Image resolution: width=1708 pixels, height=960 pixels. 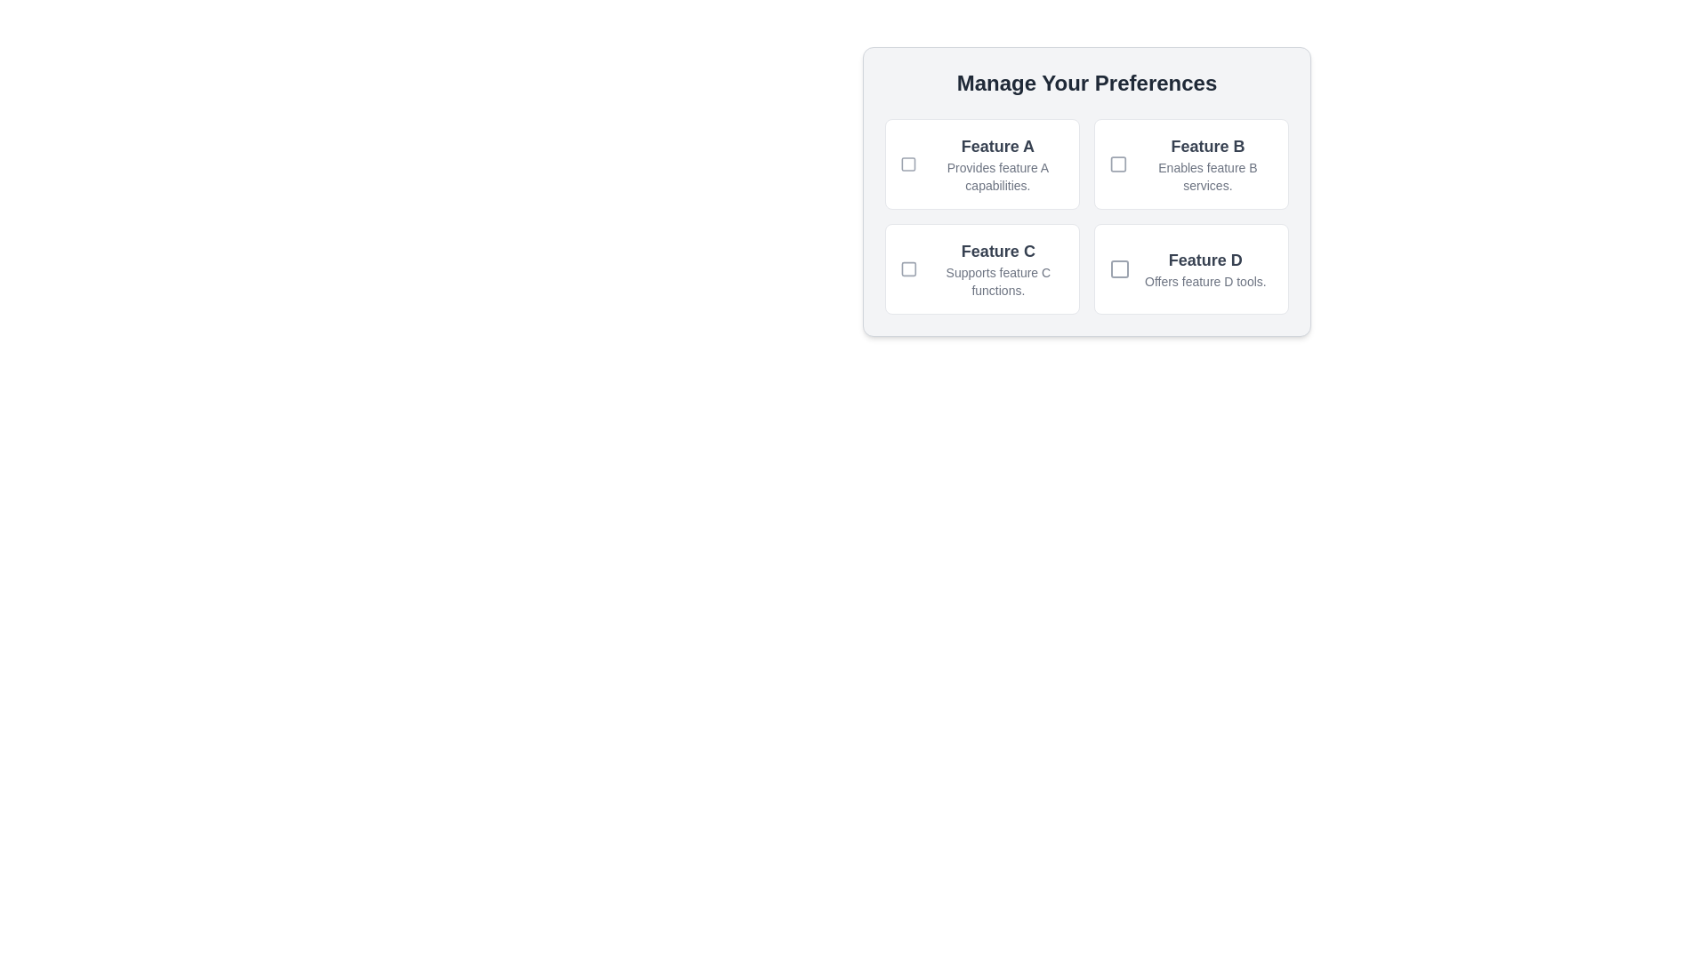 What do you see at coordinates (997, 146) in the screenshot?
I see `the prominently styled label reading 'Feature A', which is the header of the section describing 'Feature A capabilities' within the 'Manage Your Preferences' panel` at bounding box center [997, 146].